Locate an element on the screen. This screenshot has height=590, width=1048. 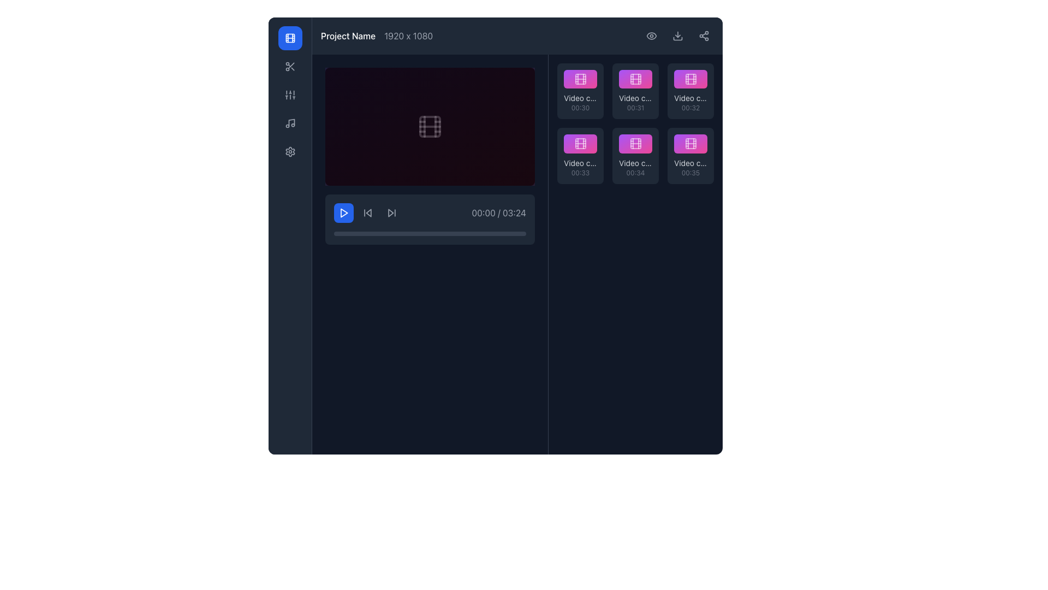
the 'Skip Backward' button located in the bottom center of the video player control panel, positioned between the 'Play' button and the 'Forward' button is located at coordinates (367, 213).